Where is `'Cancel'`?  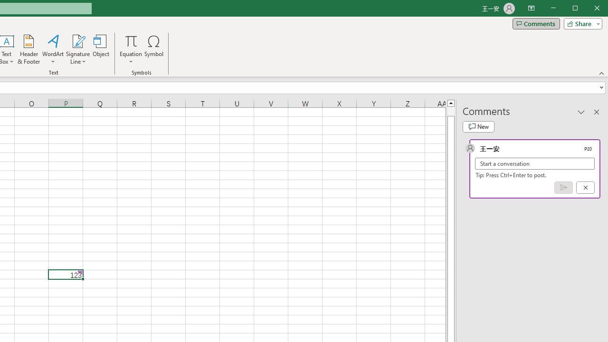
'Cancel' is located at coordinates (585, 188).